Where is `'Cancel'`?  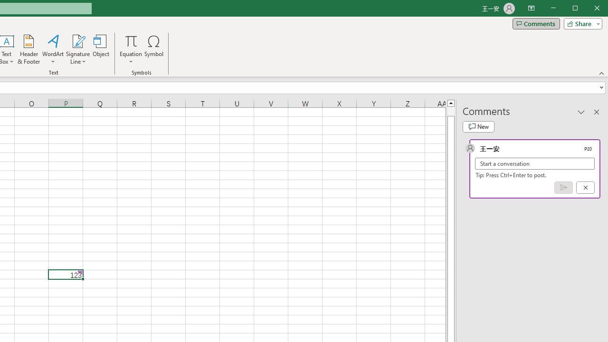
'Cancel' is located at coordinates (585, 188).